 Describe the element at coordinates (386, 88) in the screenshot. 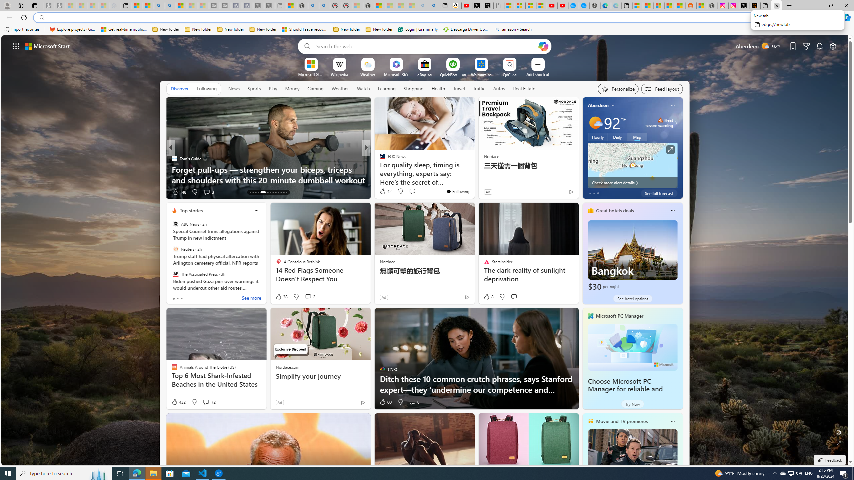

I see `'Learning'` at that location.